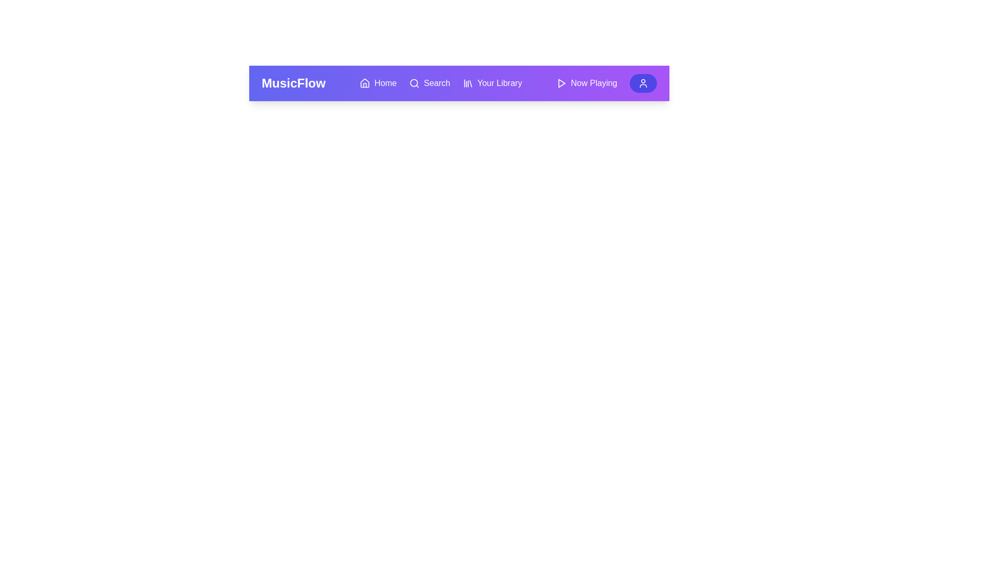  What do you see at coordinates (377, 82) in the screenshot?
I see `the Home button to observe its hover effect` at bounding box center [377, 82].